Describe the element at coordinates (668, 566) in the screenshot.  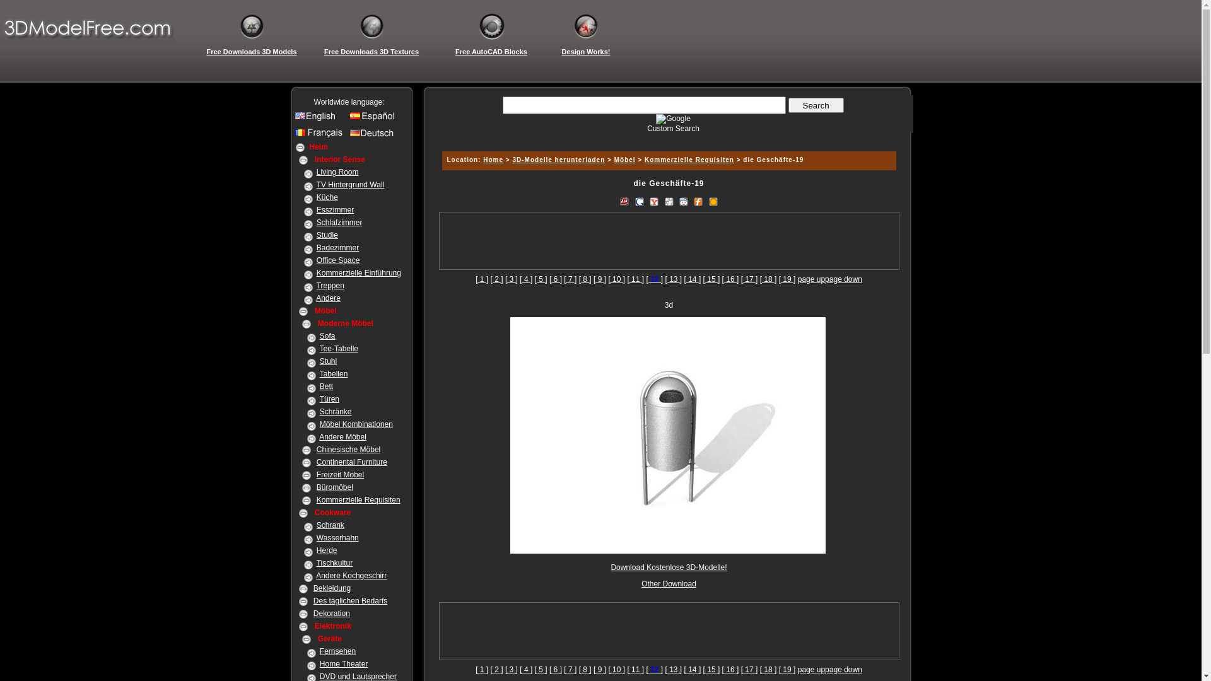
I see `'Download Kostenlose 3D-Modelle!'` at that location.